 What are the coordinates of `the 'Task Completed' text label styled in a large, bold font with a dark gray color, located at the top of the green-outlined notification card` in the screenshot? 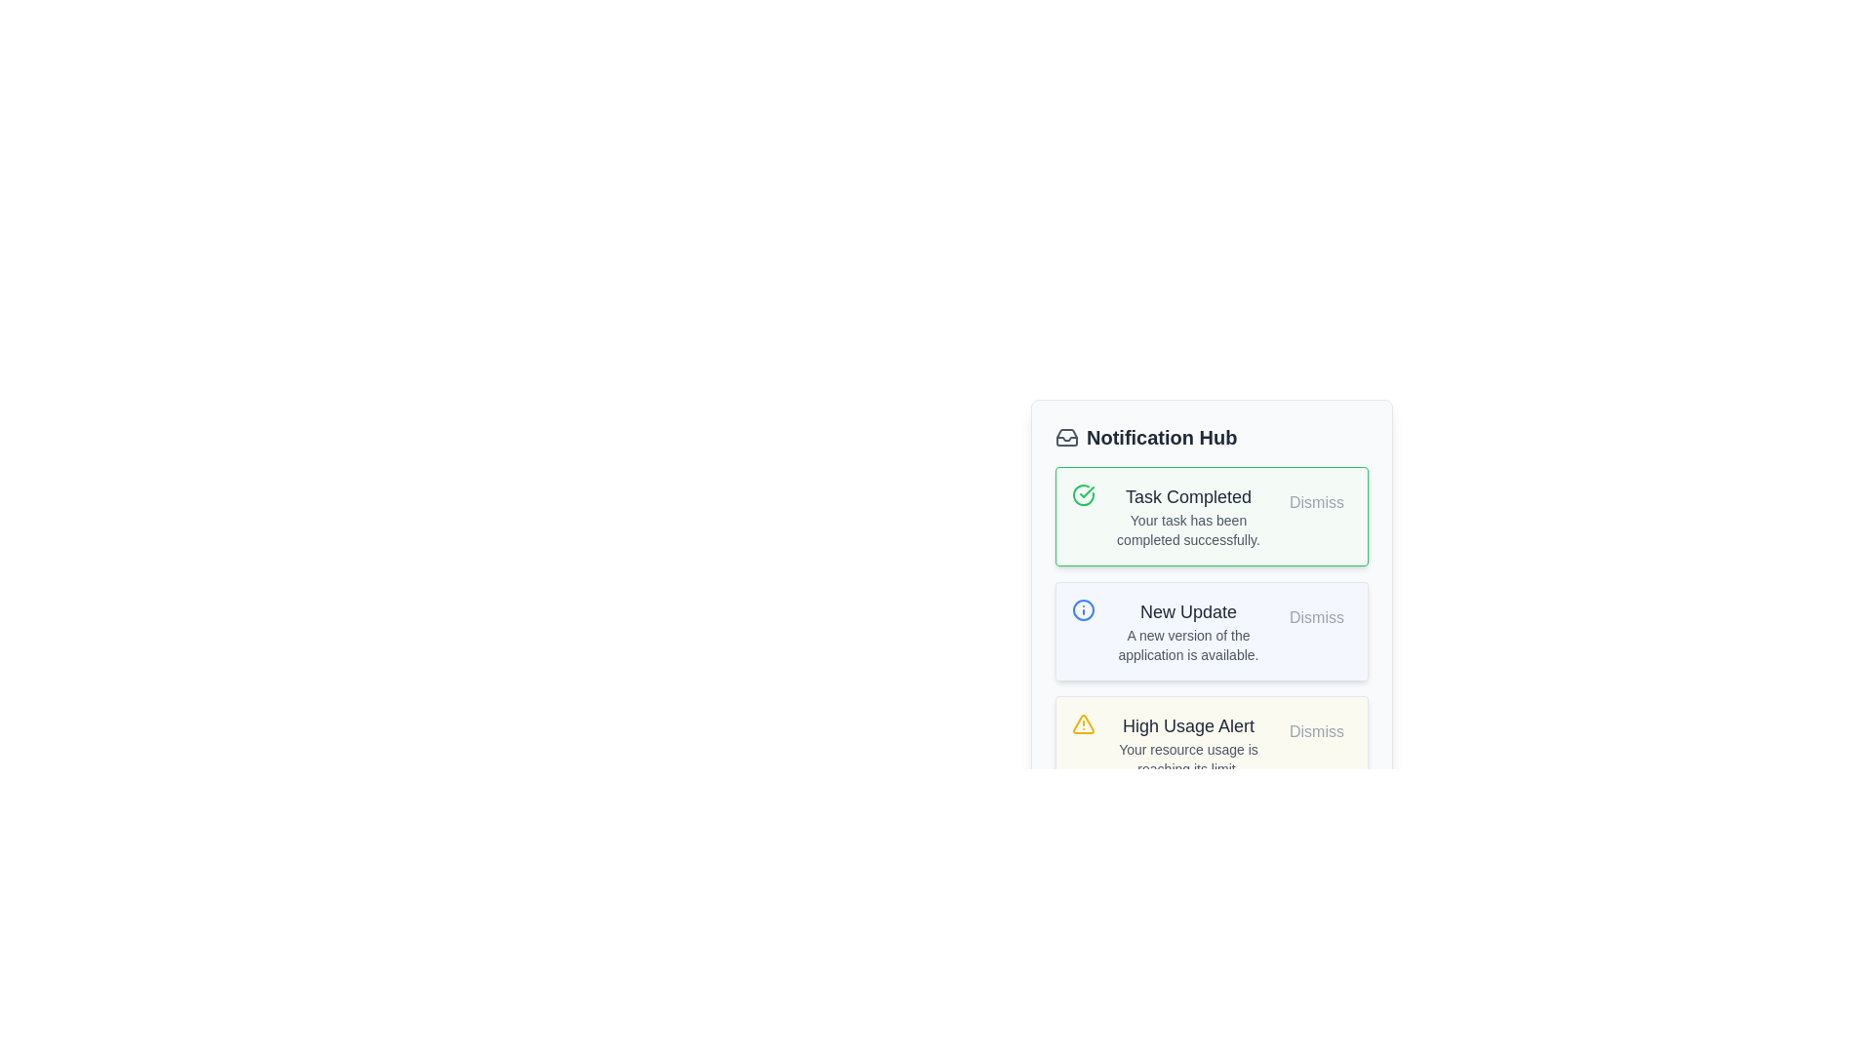 It's located at (1187, 495).